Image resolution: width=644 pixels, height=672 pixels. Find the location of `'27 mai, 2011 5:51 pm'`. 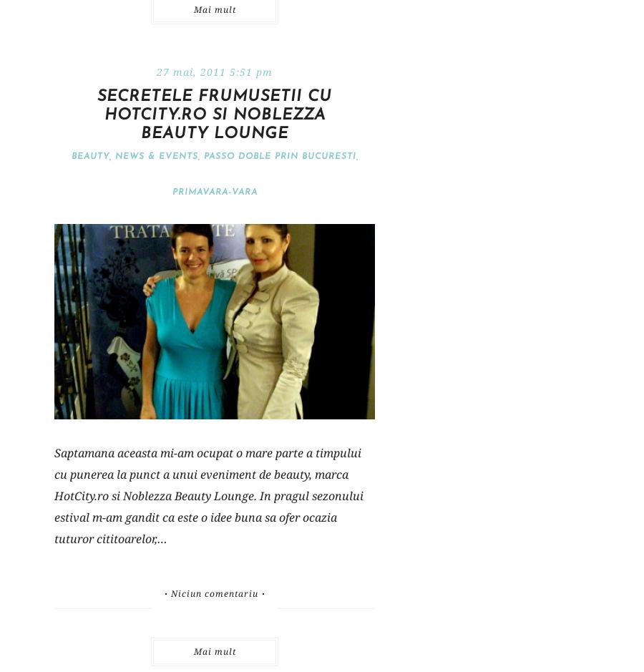

'27 mai, 2011 5:51 pm' is located at coordinates (213, 72).